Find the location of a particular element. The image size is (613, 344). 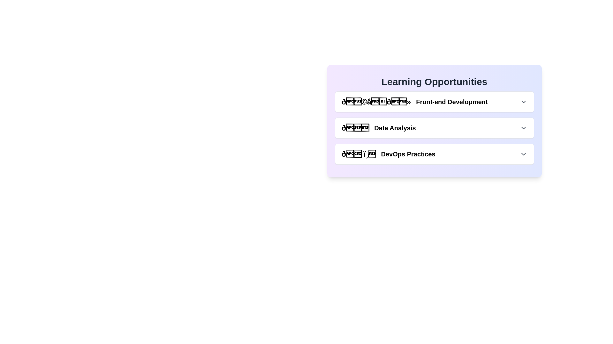

the icon representing the 'Data Analysis' category located in the 'Learning Opportunities' section, positioned to the left of the text 'Data Analysis' is located at coordinates (355, 128).